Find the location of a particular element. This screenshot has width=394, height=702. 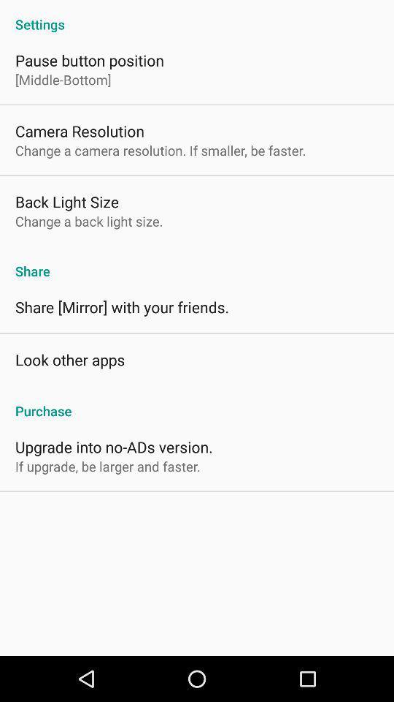

the upgrade into no icon is located at coordinates (113, 446).